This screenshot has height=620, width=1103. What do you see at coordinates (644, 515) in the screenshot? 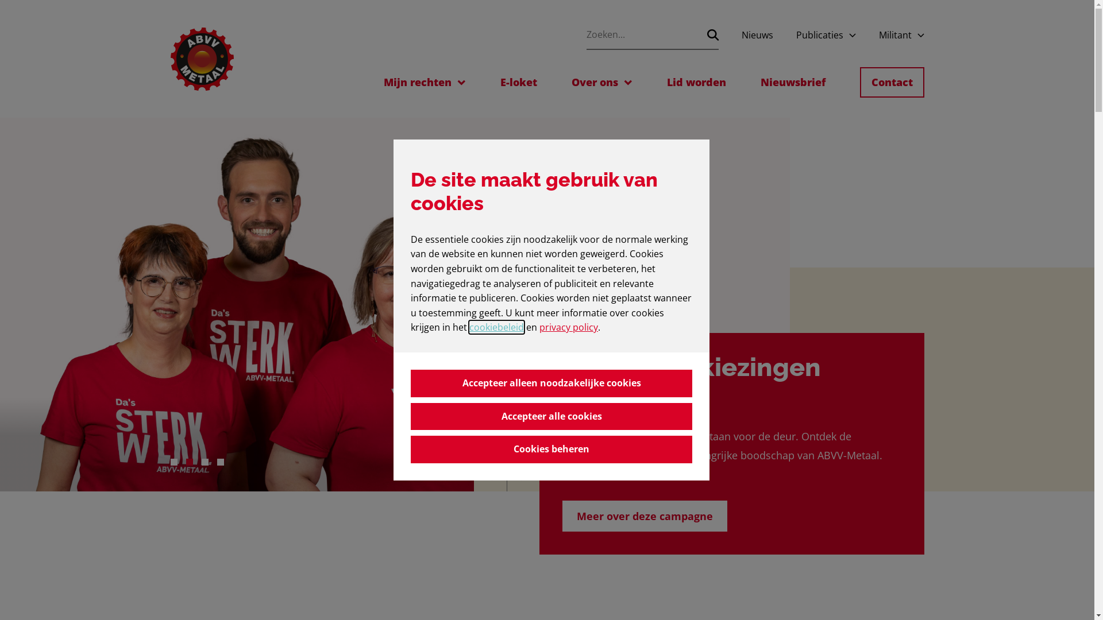
I see `'Meer over deze campagne'` at bounding box center [644, 515].